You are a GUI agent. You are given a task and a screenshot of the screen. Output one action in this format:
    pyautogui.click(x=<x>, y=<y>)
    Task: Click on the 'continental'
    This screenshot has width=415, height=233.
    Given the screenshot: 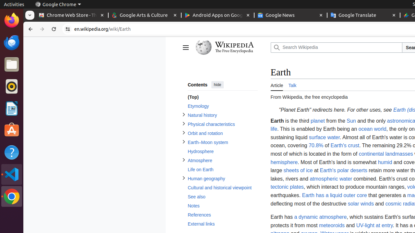 What is the action you would take?
    pyautogui.click(x=371, y=154)
    